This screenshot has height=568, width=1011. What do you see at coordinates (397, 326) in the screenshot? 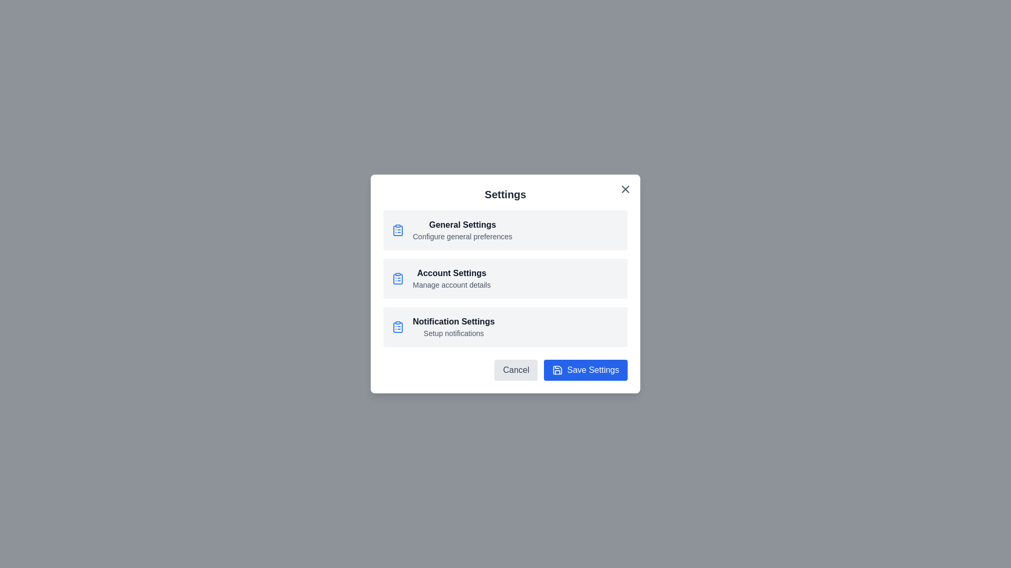
I see `the clipboard icon representing 'Notification Settings', which is styled in blue and located to the left of the text in the third row of the settings list` at bounding box center [397, 326].